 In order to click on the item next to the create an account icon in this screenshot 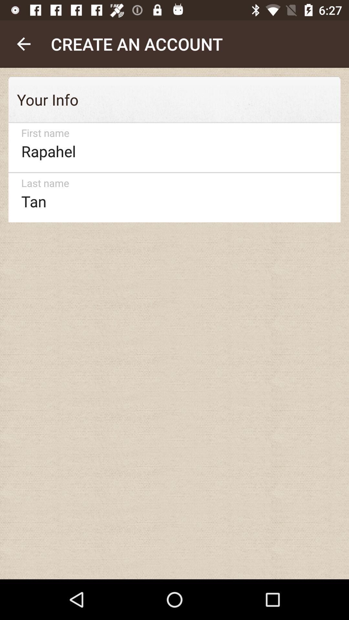, I will do `click(23, 44)`.